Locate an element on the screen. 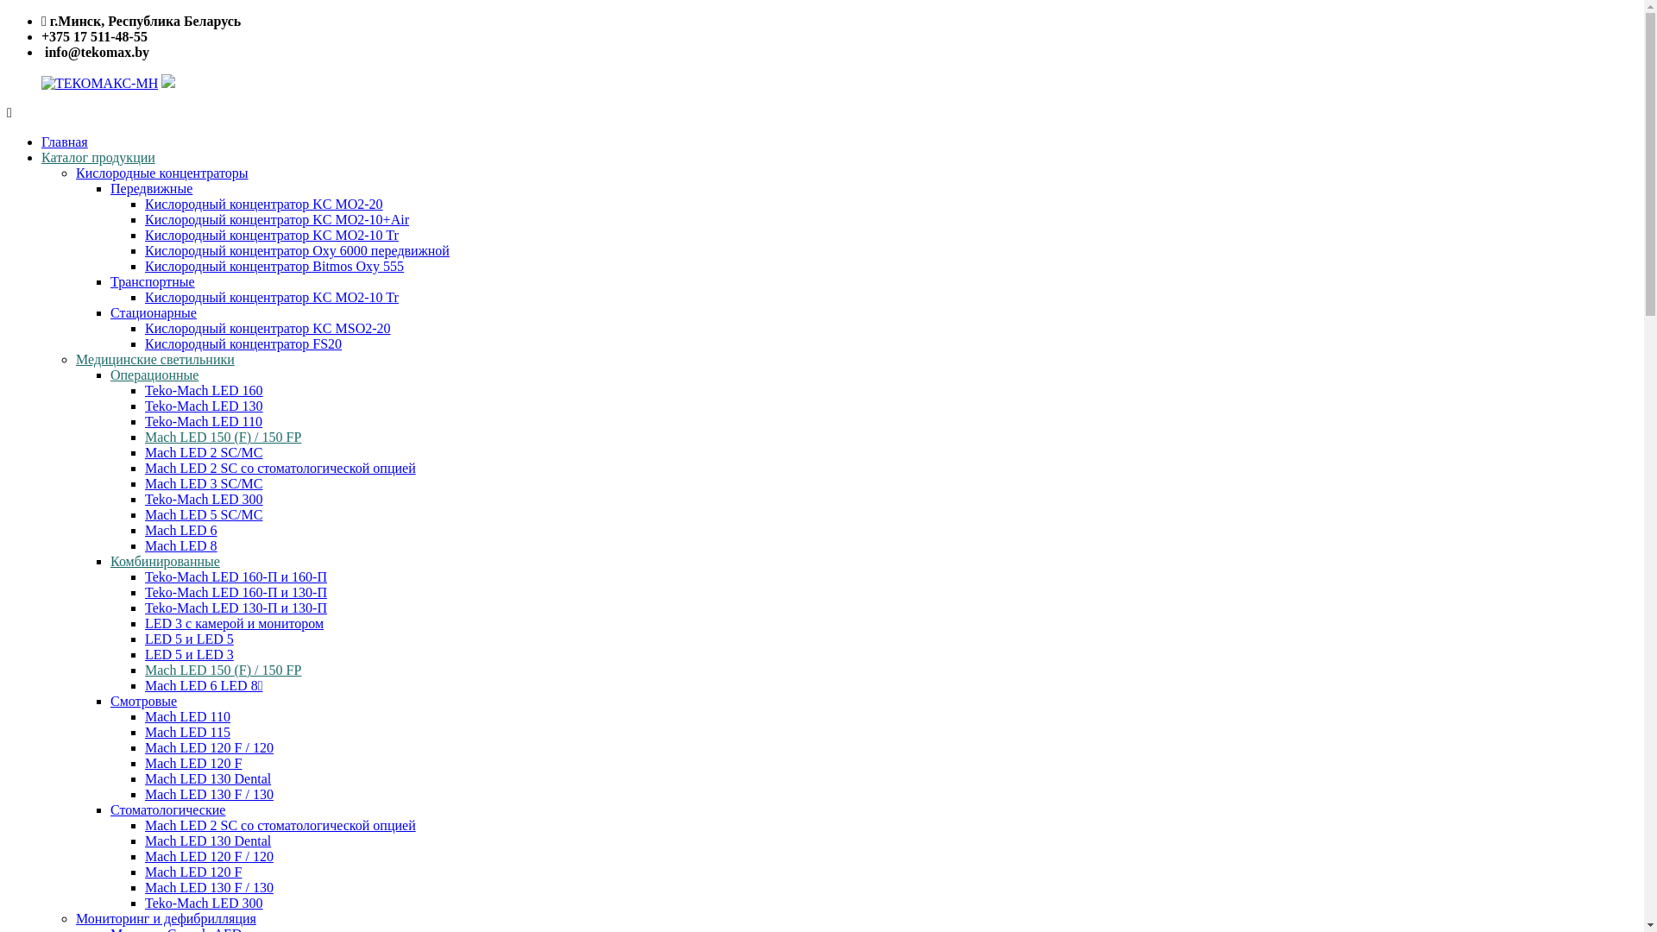 The width and height of the screenshot is (1657, 932). 'Mach LED 2 SC/MC' is located at coordinates (203, 451).